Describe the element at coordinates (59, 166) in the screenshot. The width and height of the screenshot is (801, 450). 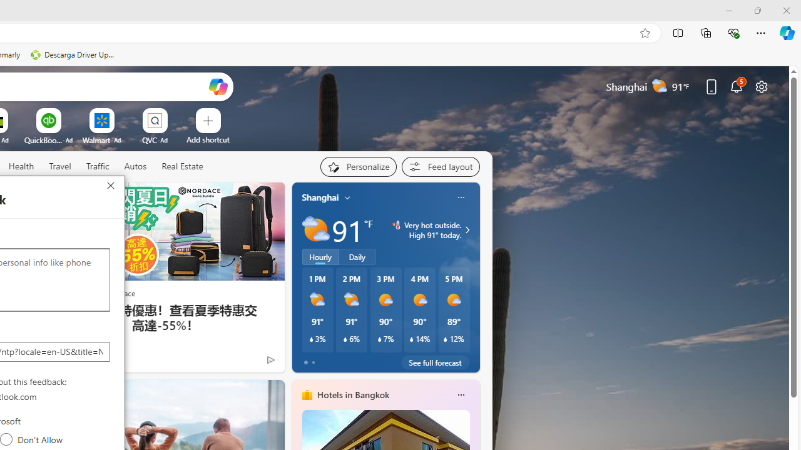
I see `'Travel'` at that location.